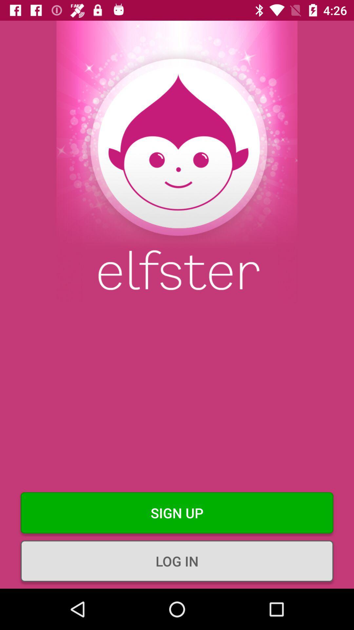 Image resolution: width=354 pixels, height=630 pixels. What do you see at coordinates (177, 513) in the screenshot?
I see `icon above the log in` at bounding box center [177, 513].